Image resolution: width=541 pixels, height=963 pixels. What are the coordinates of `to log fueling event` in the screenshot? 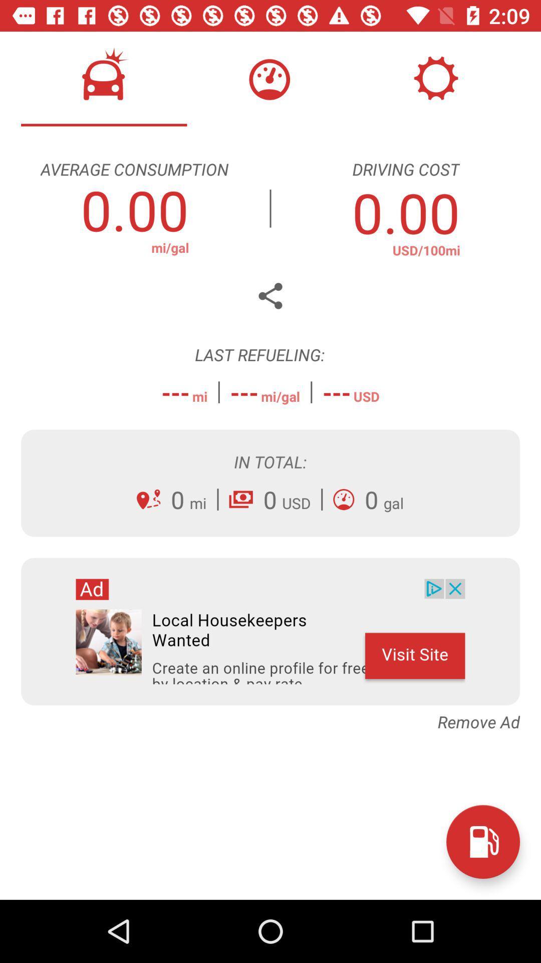 It's located at (482, 842).